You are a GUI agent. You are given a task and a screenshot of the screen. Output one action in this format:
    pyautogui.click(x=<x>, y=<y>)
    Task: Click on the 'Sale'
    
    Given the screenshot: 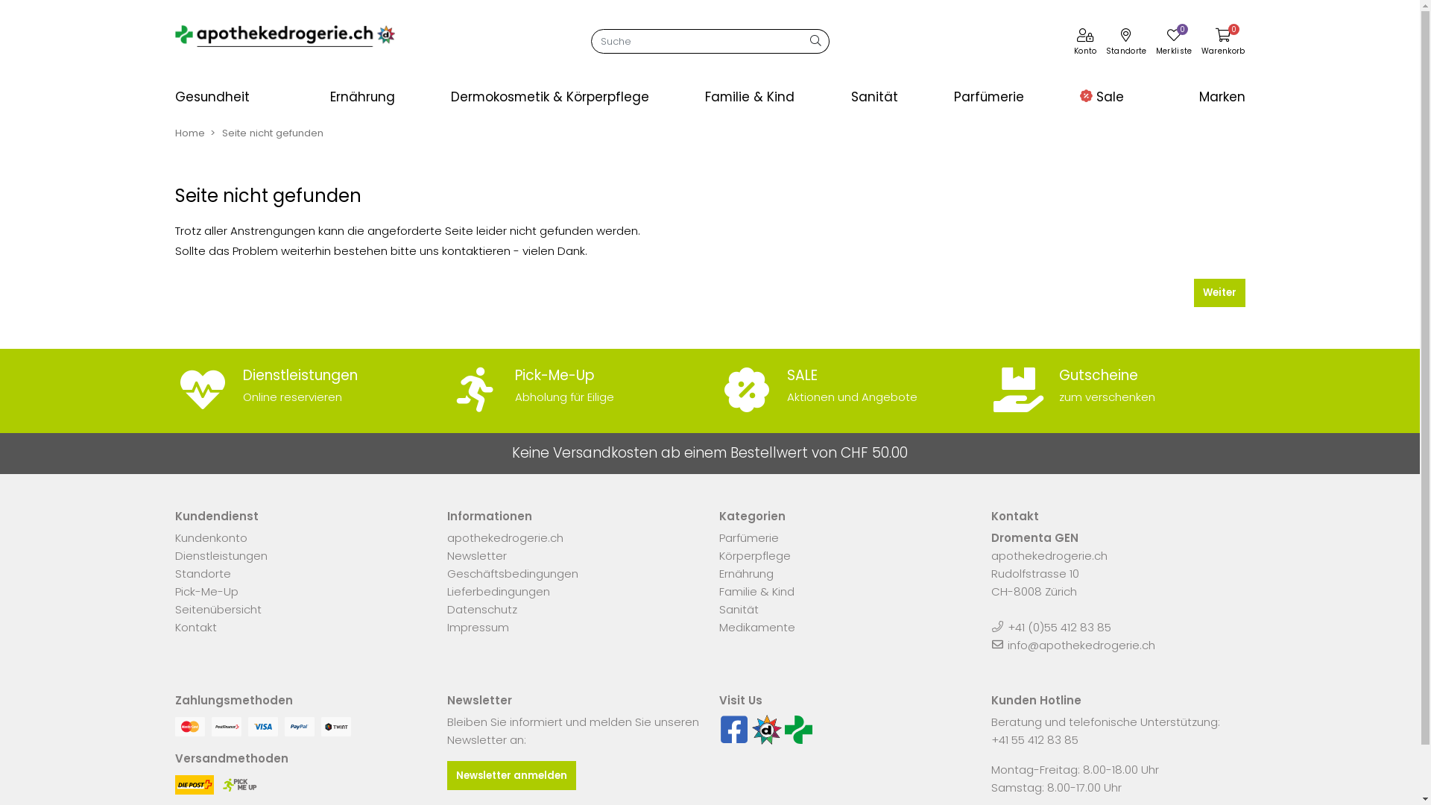 What is the action you would take?
    pyautogui.click(x=1102, y=97)
    